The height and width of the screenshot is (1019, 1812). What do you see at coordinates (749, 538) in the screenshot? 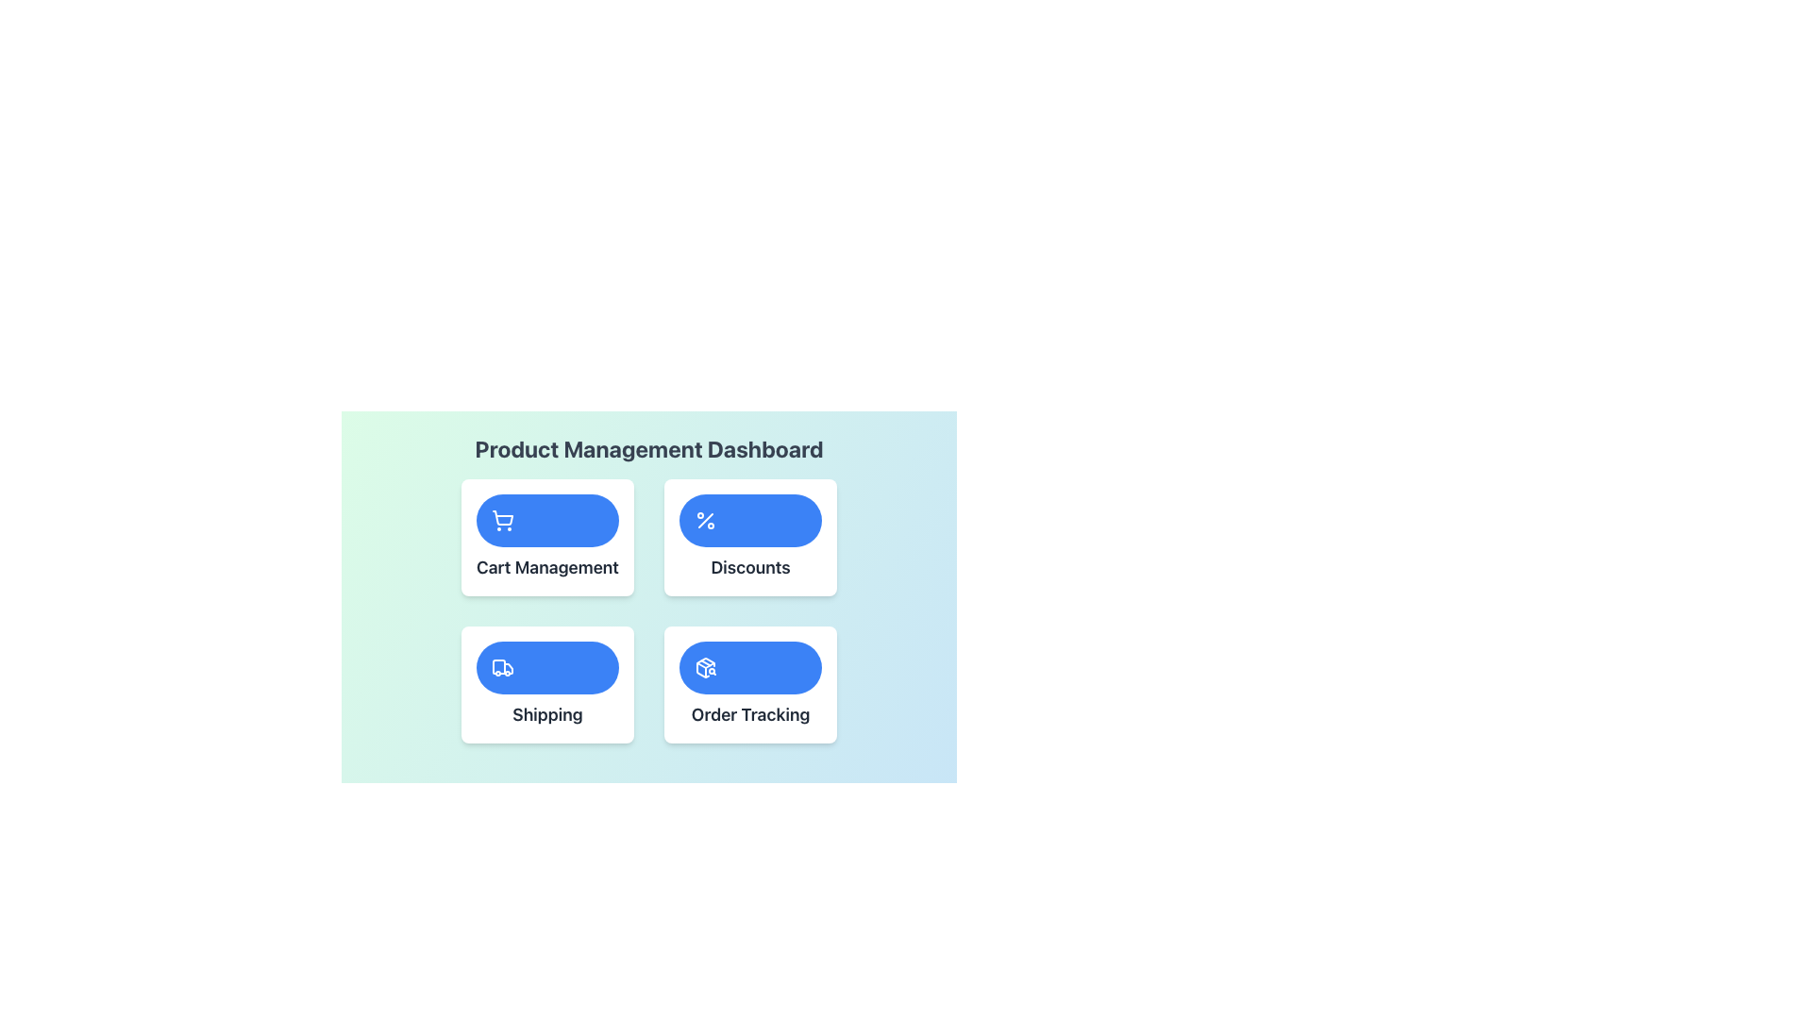
I see `the Discounts button, which is a white rounded rectangle with a blue ellipsoidal button at its center, located in the top right section of the grid layout` at bounding box center [749, 538].